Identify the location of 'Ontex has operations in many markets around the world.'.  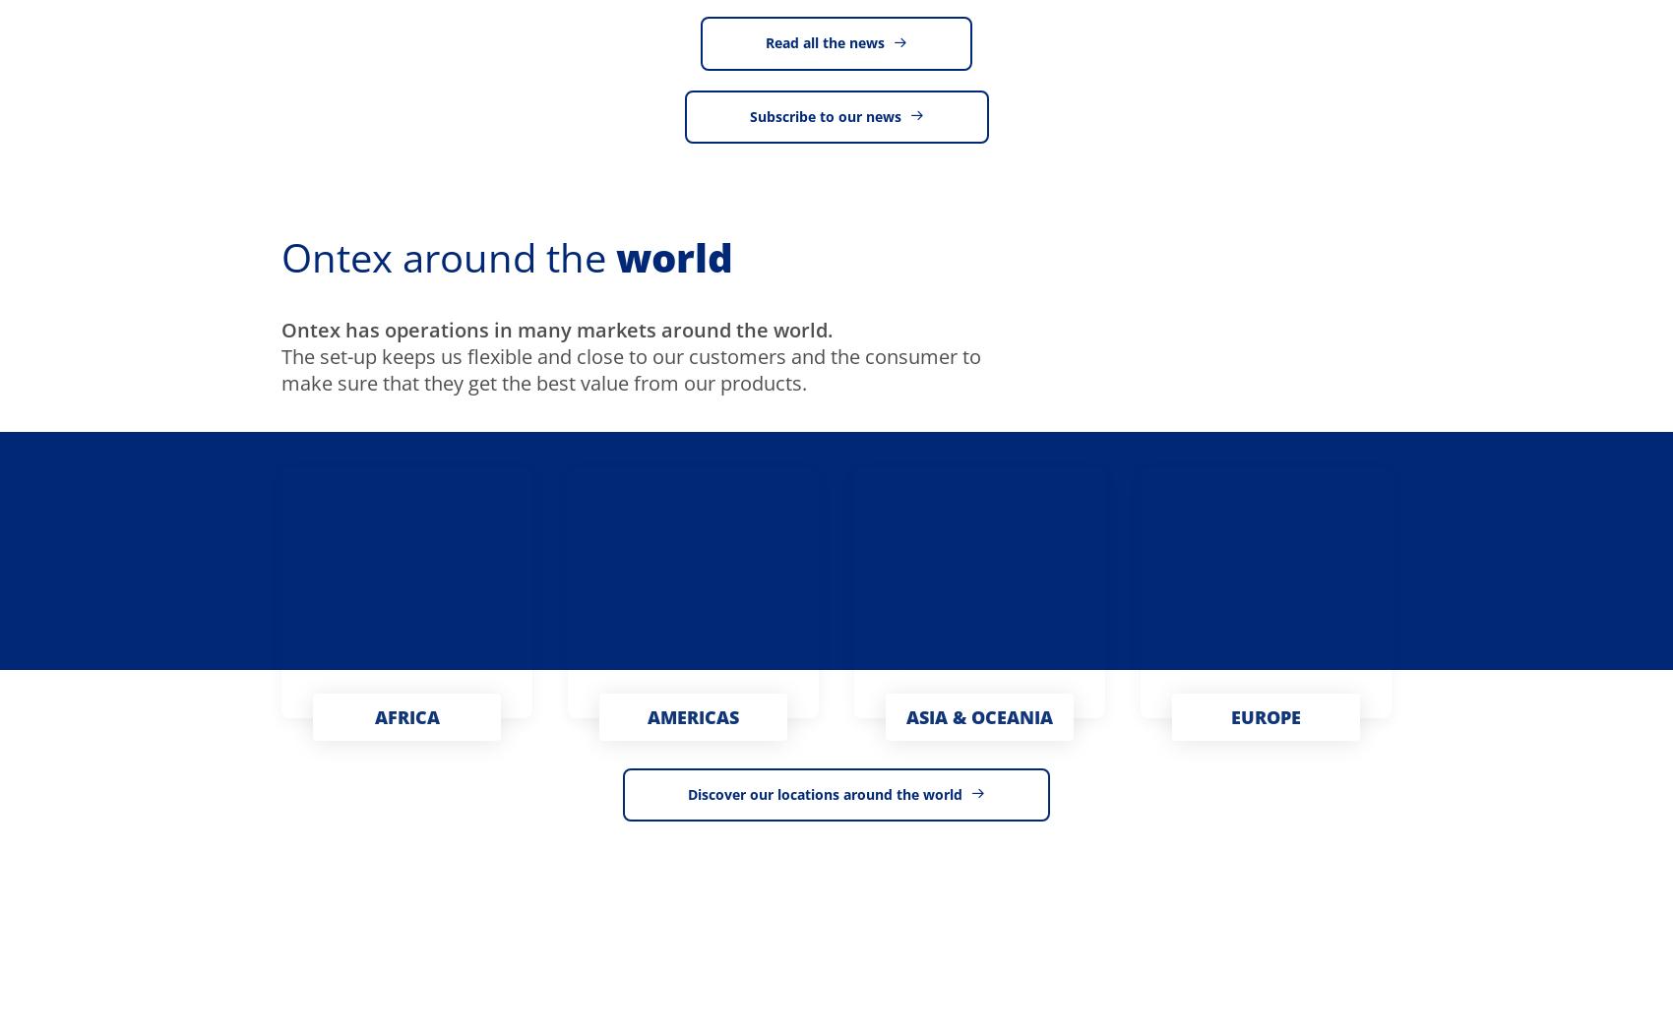
(555, 330).